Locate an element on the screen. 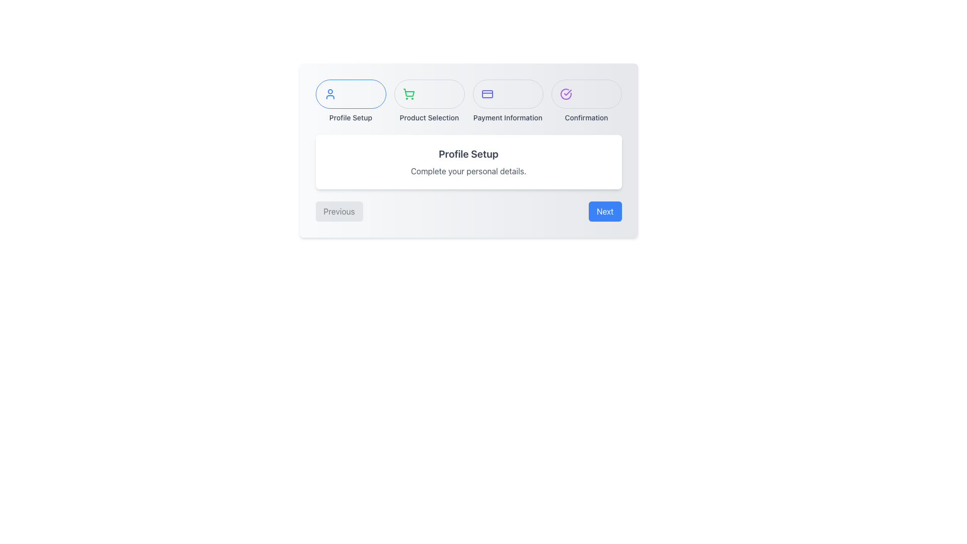 This screenshot has height=544, width=967. the 'Next' button, a blue rectangular button with rounded corners and white text, to proceed is located at coordinates (604, 211).